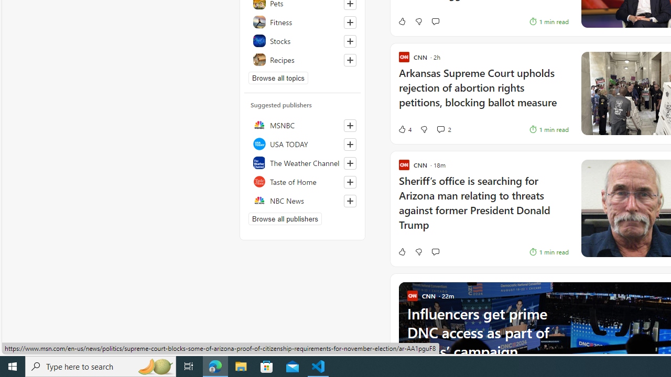  Describe the element at coordinates (418, 251) in the screenshot. I see `'Dislike'` at that location.